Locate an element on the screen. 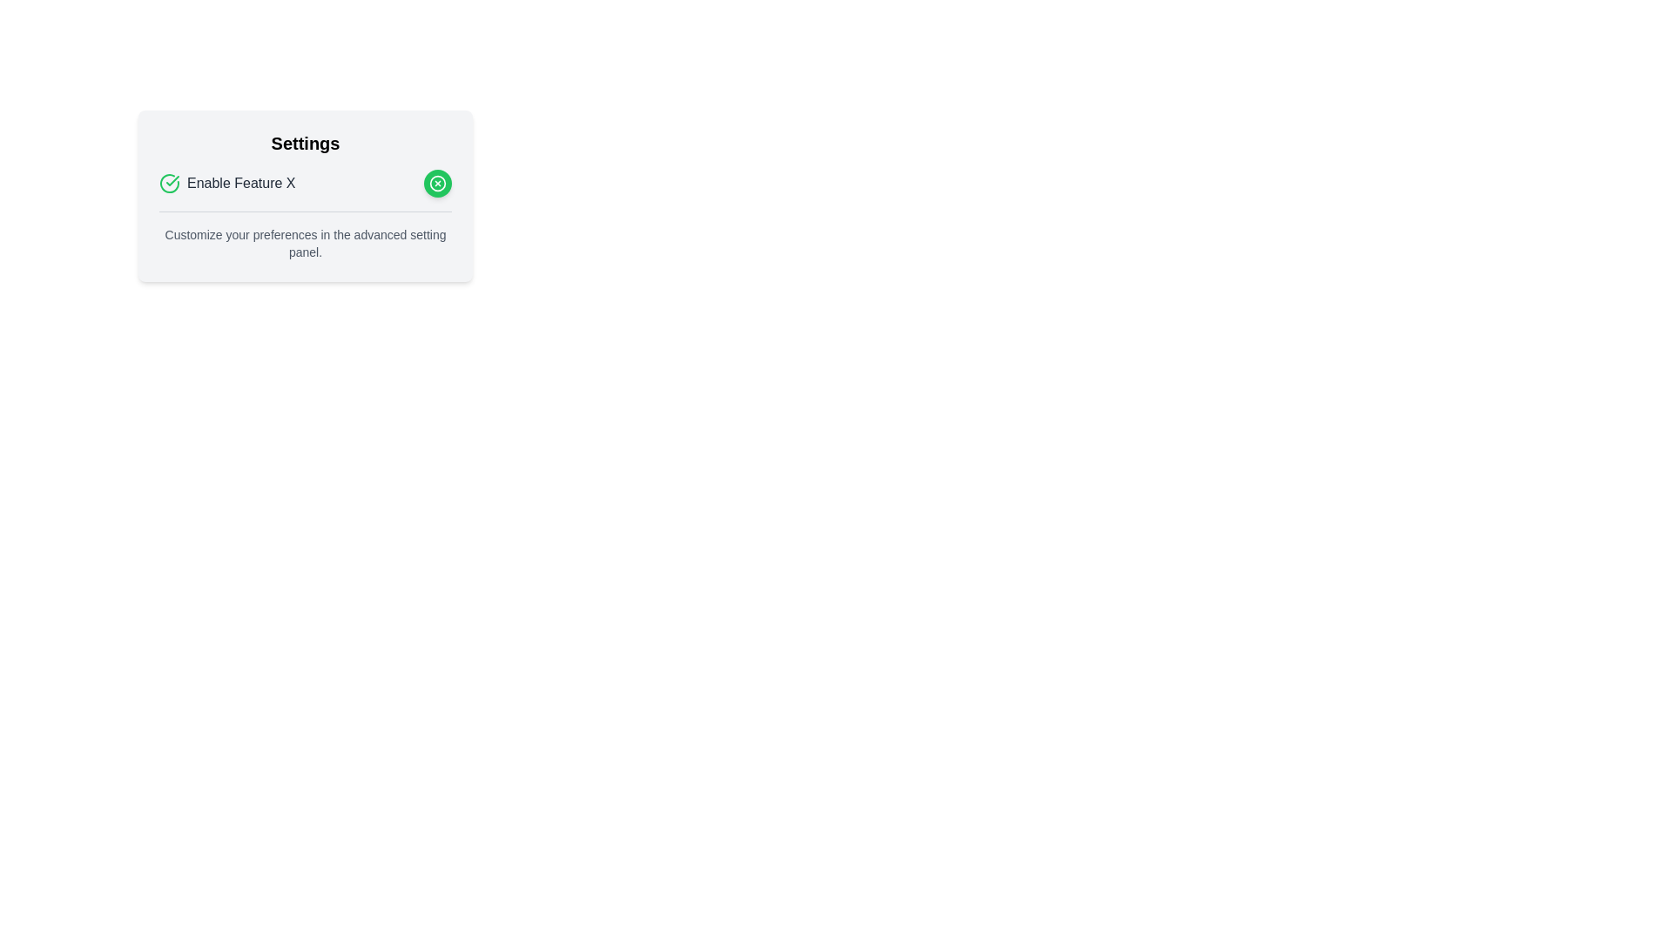 Image resolution: width=1672 pixels, height=940 pixels. the circular icon with a green background and white 'X' symbol, located to the right of the 'Enable Feature X' text in the settings card is located at coordinates (438, 184).